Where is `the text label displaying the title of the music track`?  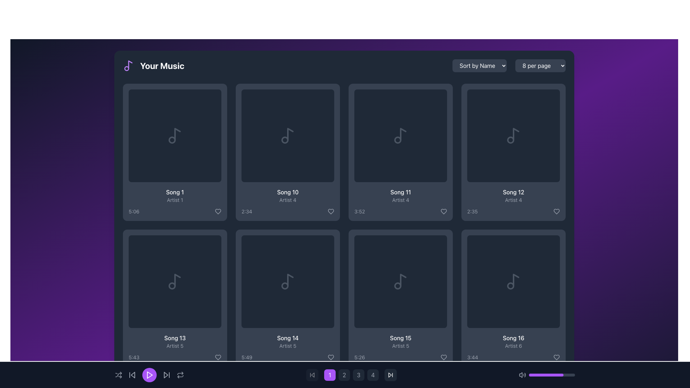 the text label displaying the title of the music track is located at coordinates (175, 192).